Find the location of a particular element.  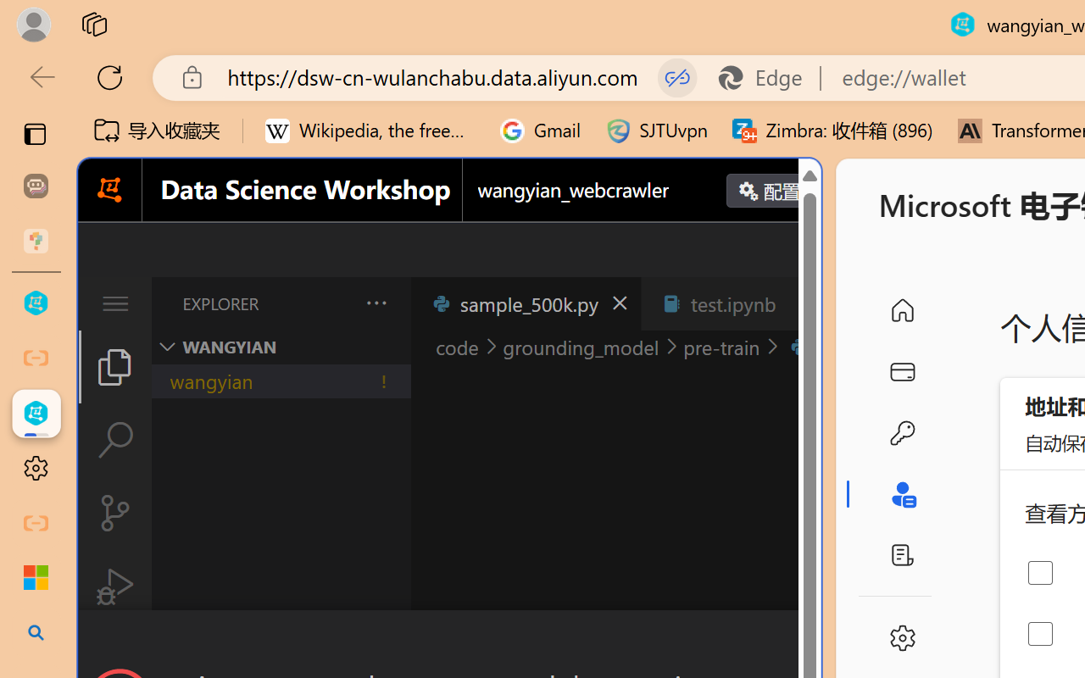

'Views and More Actions...' is located at coordinates (374, 303).